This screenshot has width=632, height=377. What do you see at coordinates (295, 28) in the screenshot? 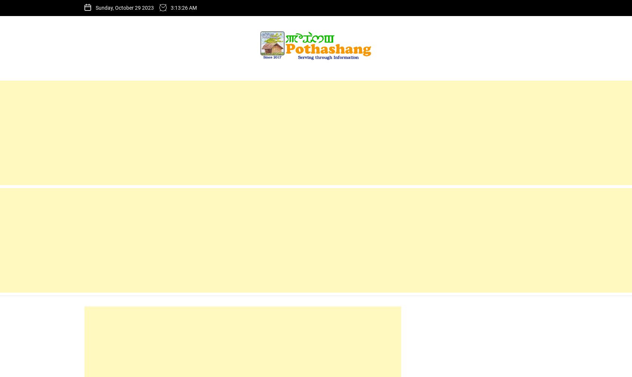
I see `'KSA demands clarification'` at bounding box center [295, 28].